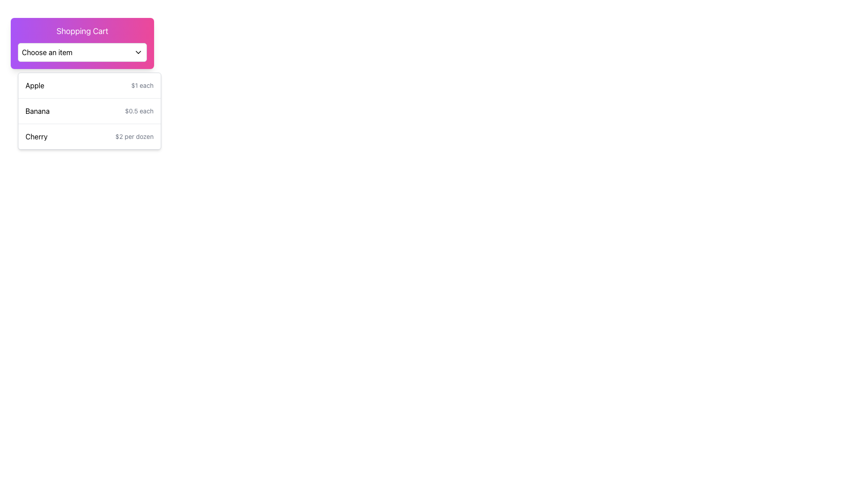 The height and width of the screenshot is (484, 860). Describe the element at coordinates (34, 86) in the screenshot. I see `the text label displaying 'Apple', which is the first item in the dropdown menu under the 'Shopping Cart' header, positioned flush to the left and adjacent to '$1 each'` at that location.